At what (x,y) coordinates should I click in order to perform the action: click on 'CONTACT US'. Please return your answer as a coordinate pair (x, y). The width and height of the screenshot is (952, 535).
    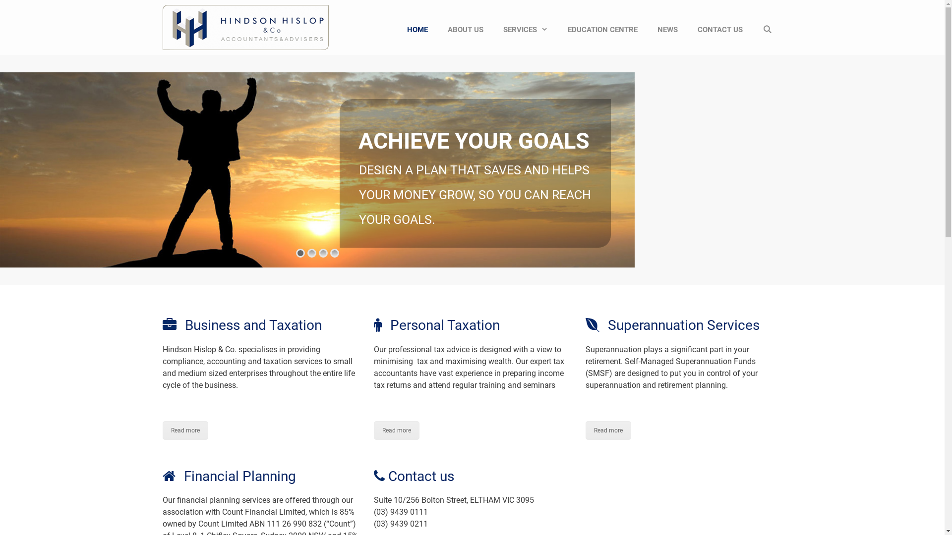
    Looking at the image, I should click on (720, 29).